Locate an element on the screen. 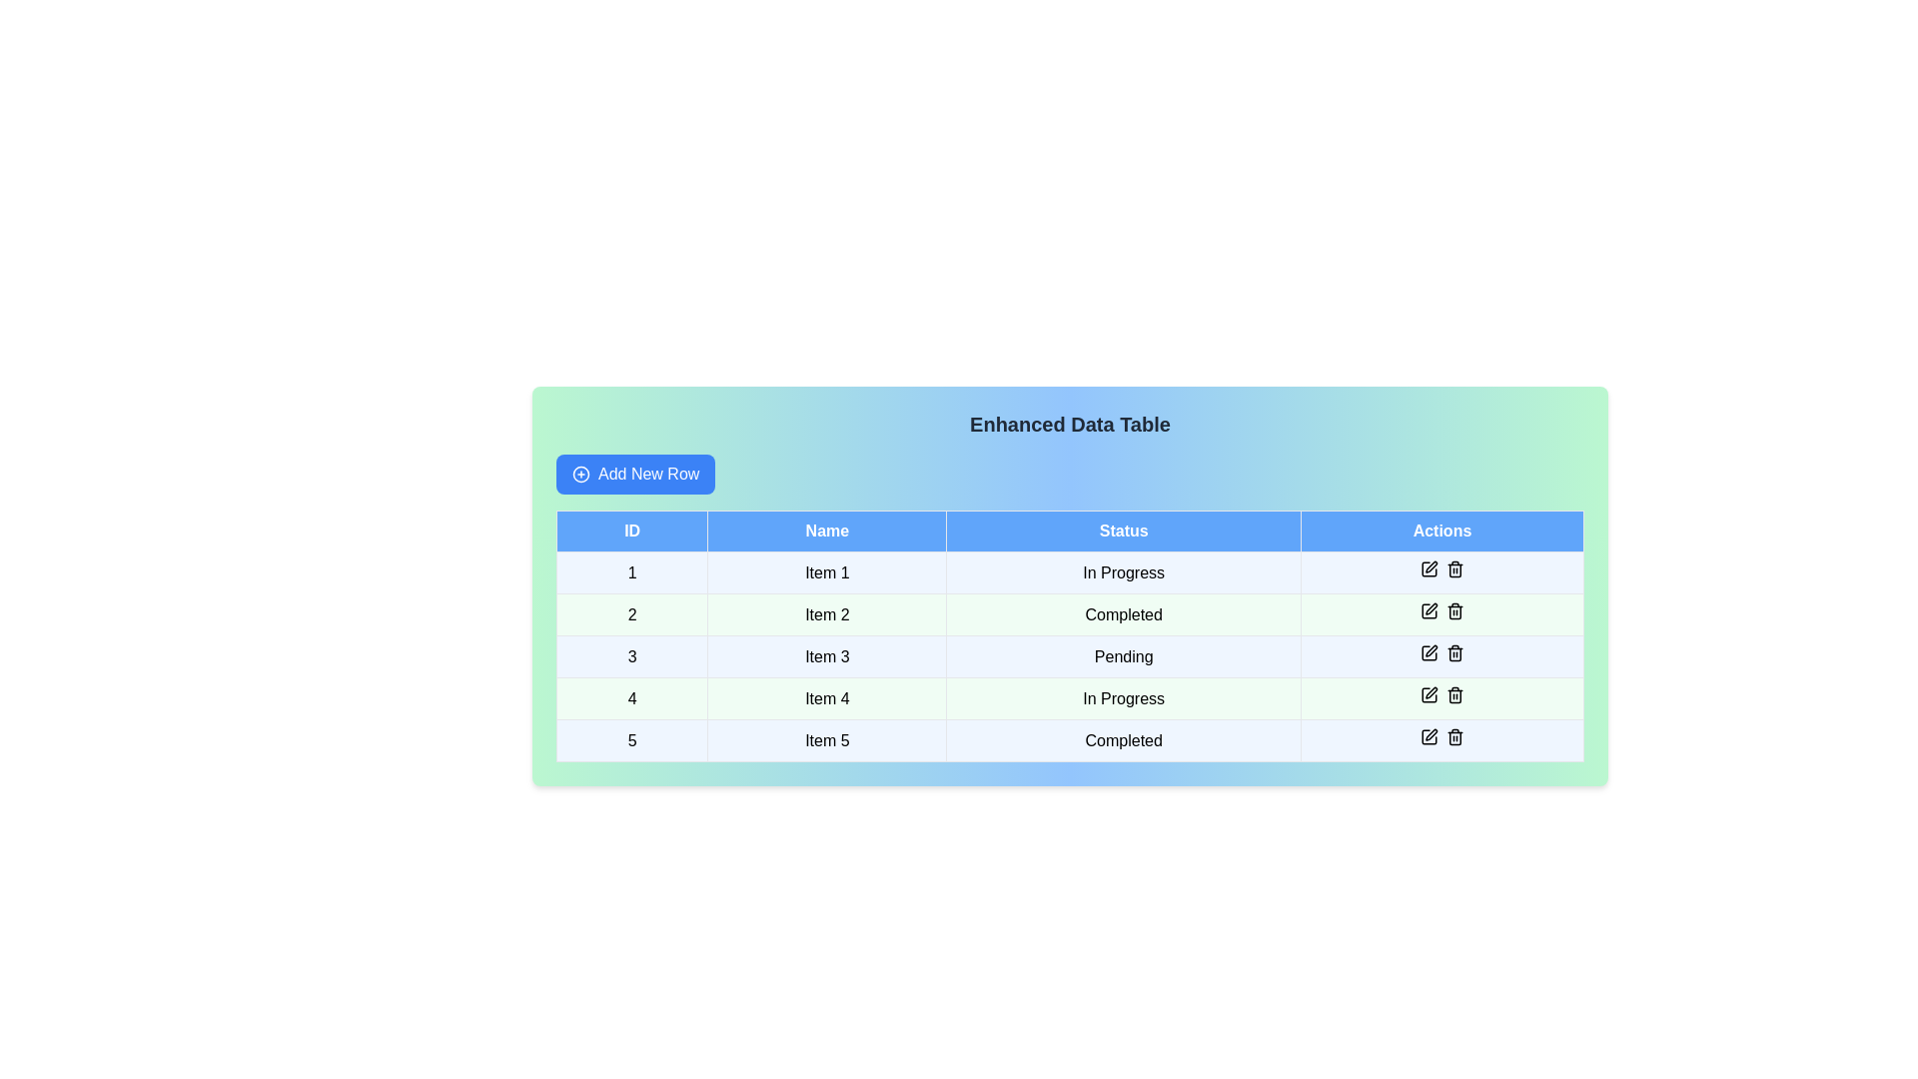 This screenshot has width=1918, height=1079. the Text cell displaying the item's name in the first row of the table under the 'Name' column, which is located between the '1' cell and the 'In Progress' cell is located at coordinates (827, 572).